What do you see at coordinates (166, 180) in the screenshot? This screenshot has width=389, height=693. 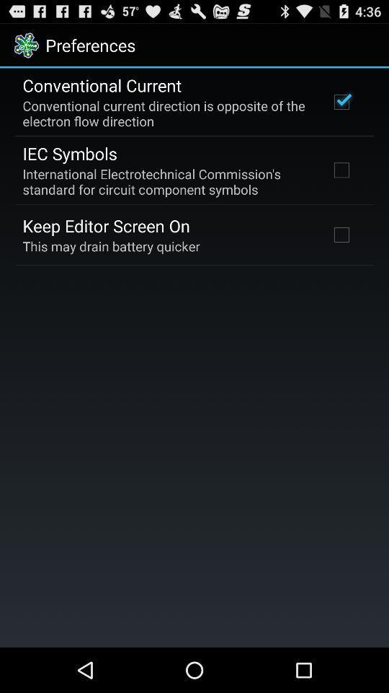 I see `the app below the iec symbols app` at bounding box center [166, 180].